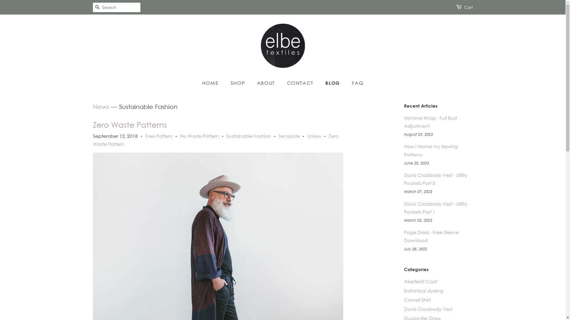  Describe the element at coordinates (333, 83) in the screenshot. I see `'BLOG'` at that location.